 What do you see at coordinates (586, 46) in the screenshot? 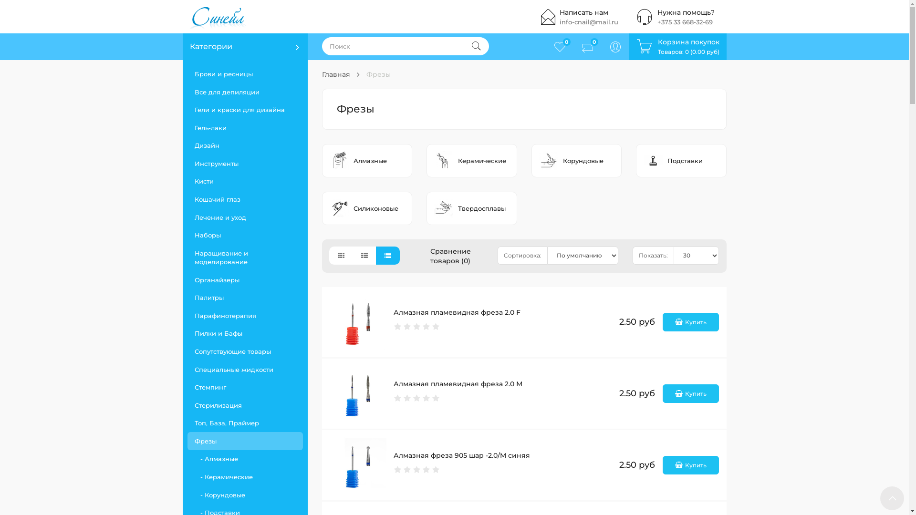
I see `'0'` at bounding box center [586, 46].